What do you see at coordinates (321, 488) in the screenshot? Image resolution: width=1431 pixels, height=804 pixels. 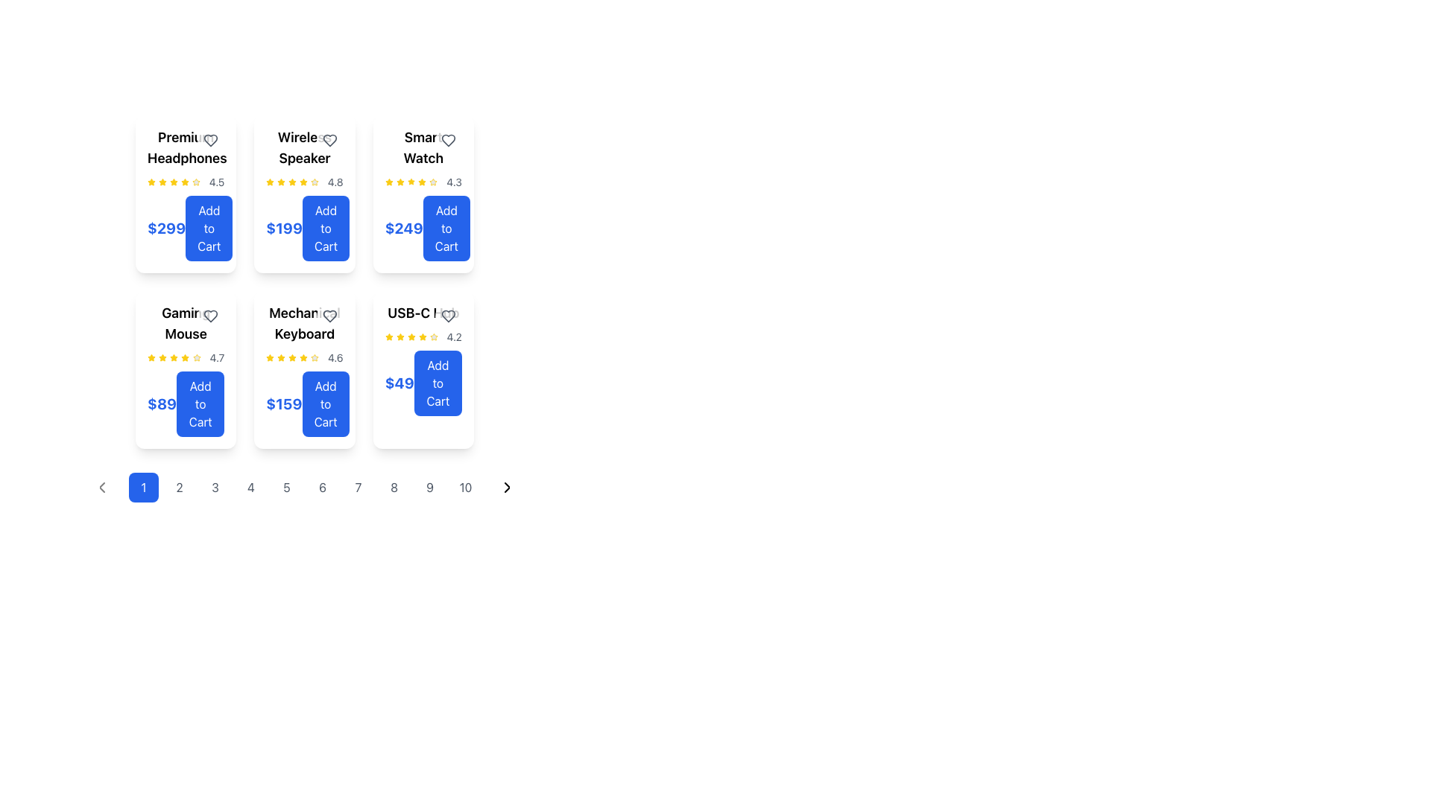 I see `the sixth pagination button` at bounding box center [321, 488].